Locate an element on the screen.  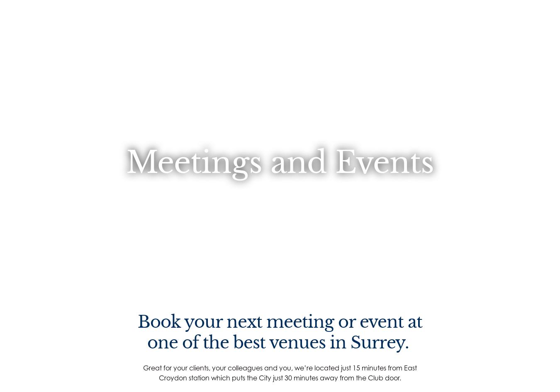
'Dine' is located at coordinates (186, 133).